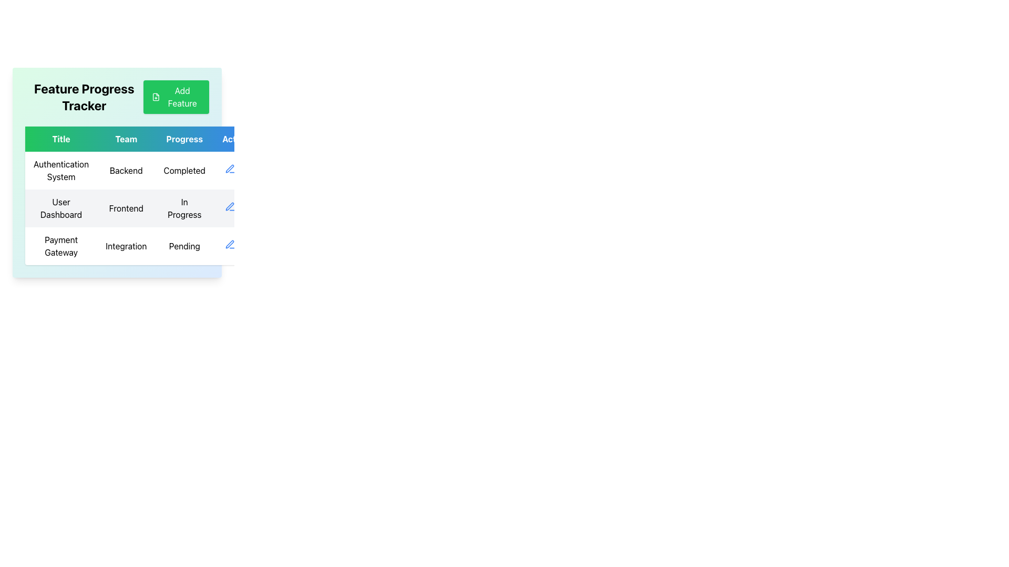  Describe the element at coordinates (229, 206) in the screenshot. I see `the blue pen icon located in the 'Action' column of the 'User Dashboard' row` at that location.